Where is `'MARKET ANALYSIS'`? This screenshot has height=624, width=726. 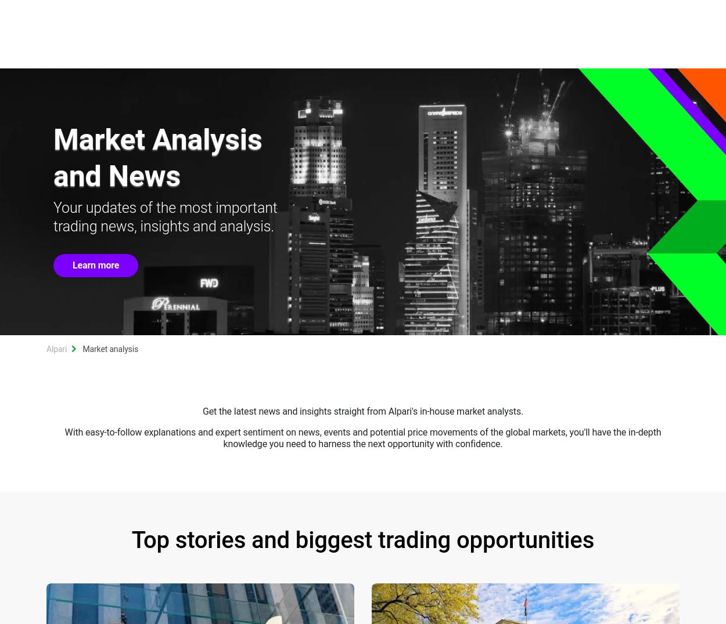
'MARKET ANALYSIS' is located at coordinates (461, 48).